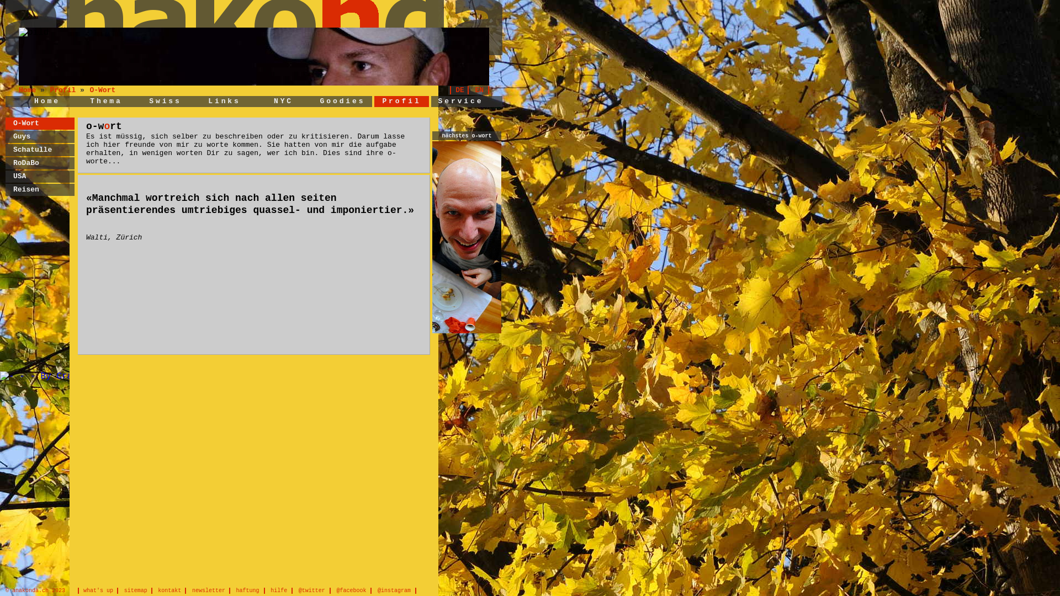  Describe the element at coordinates (461, 101) in the screenshot. I see `'Service'` at that location.